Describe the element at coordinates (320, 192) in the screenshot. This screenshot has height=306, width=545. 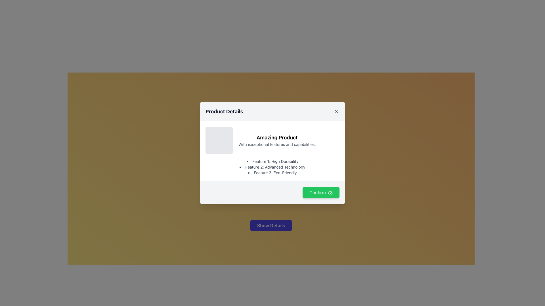
I see `the green rectangular 'Confirm' button with rounded corners located at the bottom-right corner of the modal window to confirm the action` at that location.